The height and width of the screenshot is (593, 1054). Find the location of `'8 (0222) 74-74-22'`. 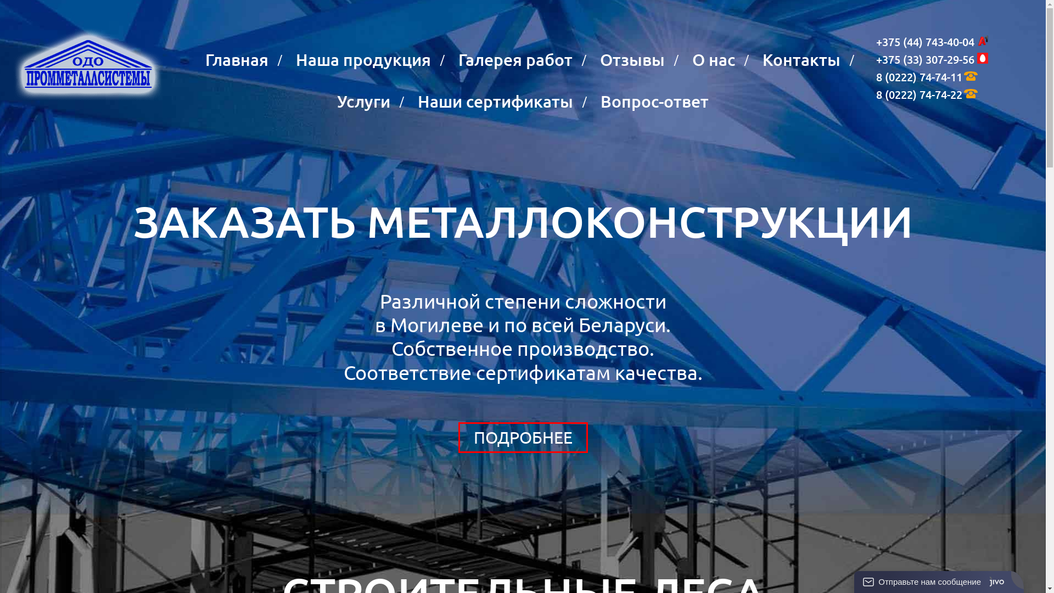

'8 (0222) 74-74-22' is located at coordinates (919, 94).